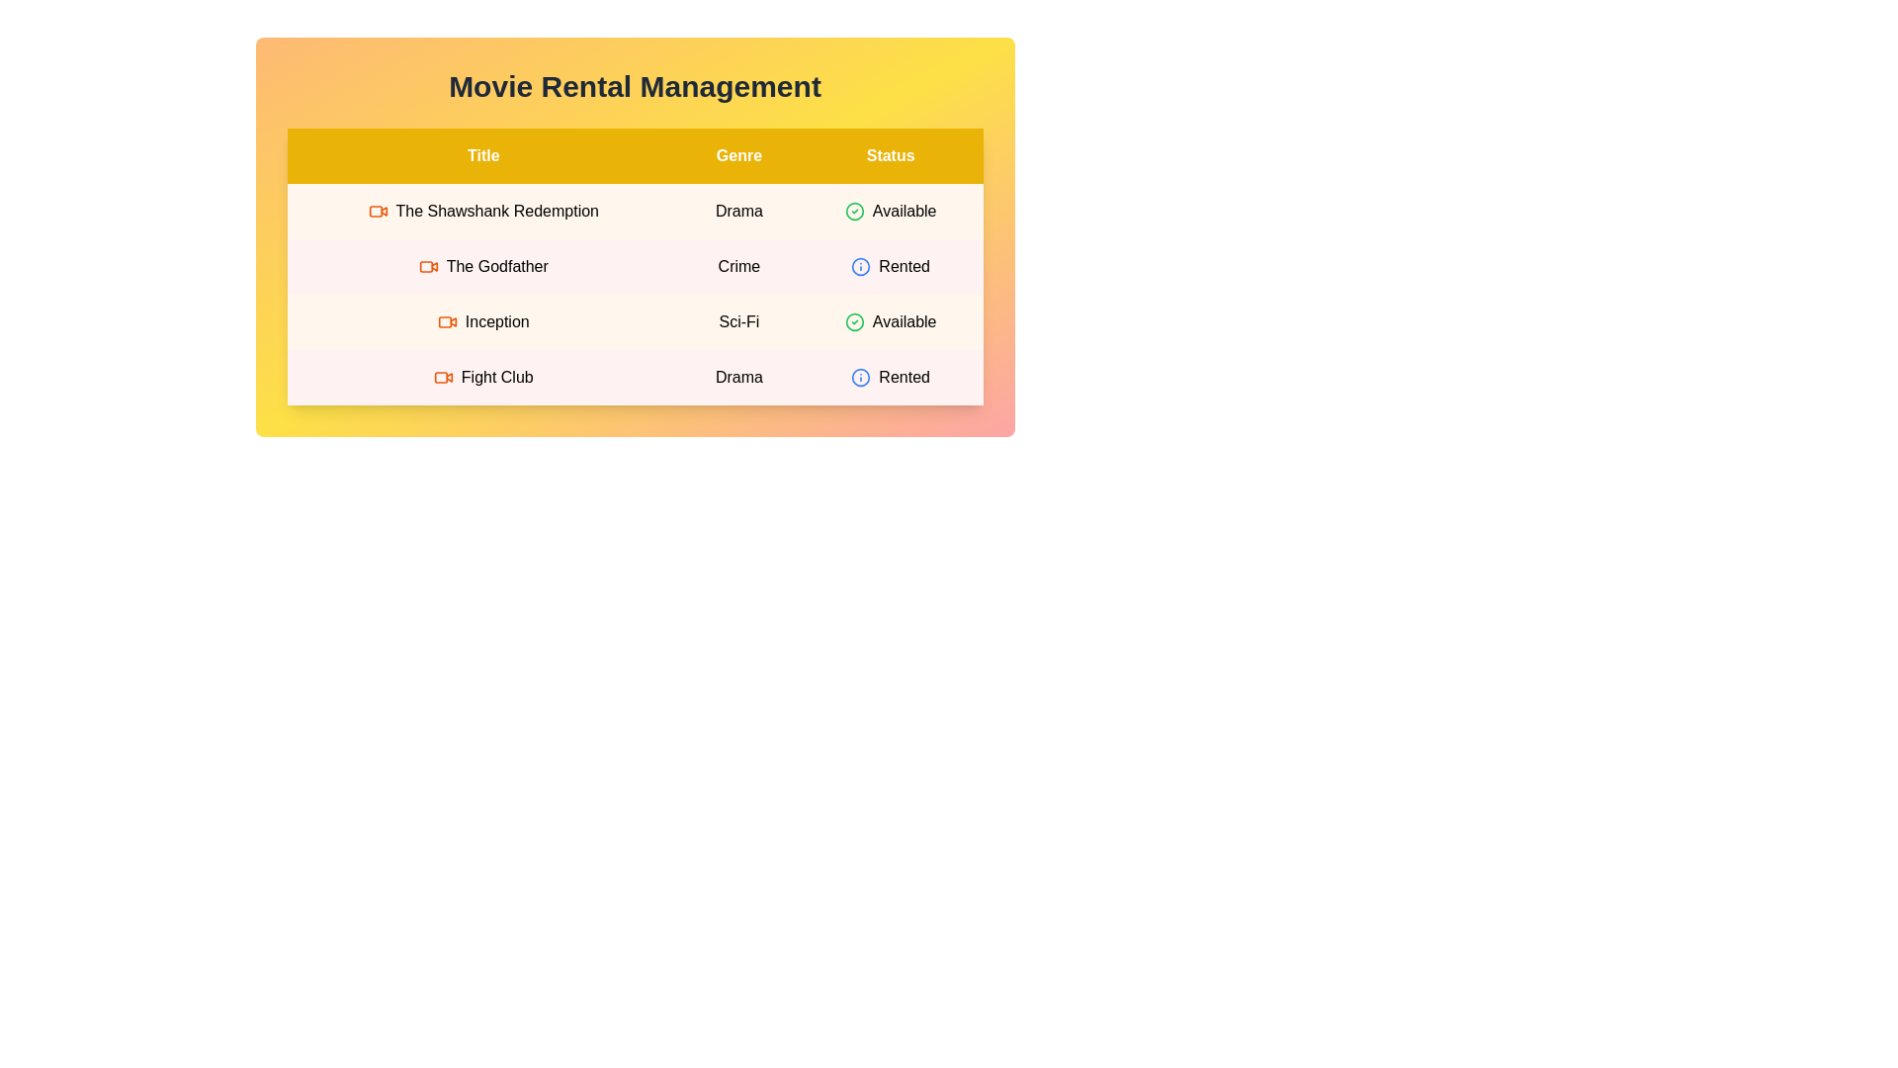 The height and width of the screenshot is (1068, 1898). I want to click on the status icon for the movie 'Inception' to view its rental status details, so click(854, 321).